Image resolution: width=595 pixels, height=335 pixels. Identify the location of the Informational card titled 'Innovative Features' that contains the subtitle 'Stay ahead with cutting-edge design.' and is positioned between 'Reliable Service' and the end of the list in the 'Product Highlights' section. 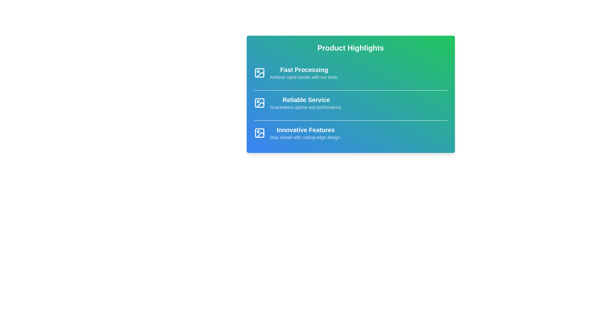
(350, 132).